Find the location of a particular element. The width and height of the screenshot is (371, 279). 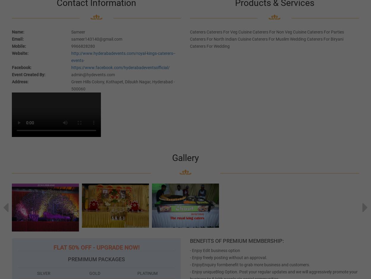

'sameer143140@gmail.com' is located at coordinates (96, 38).